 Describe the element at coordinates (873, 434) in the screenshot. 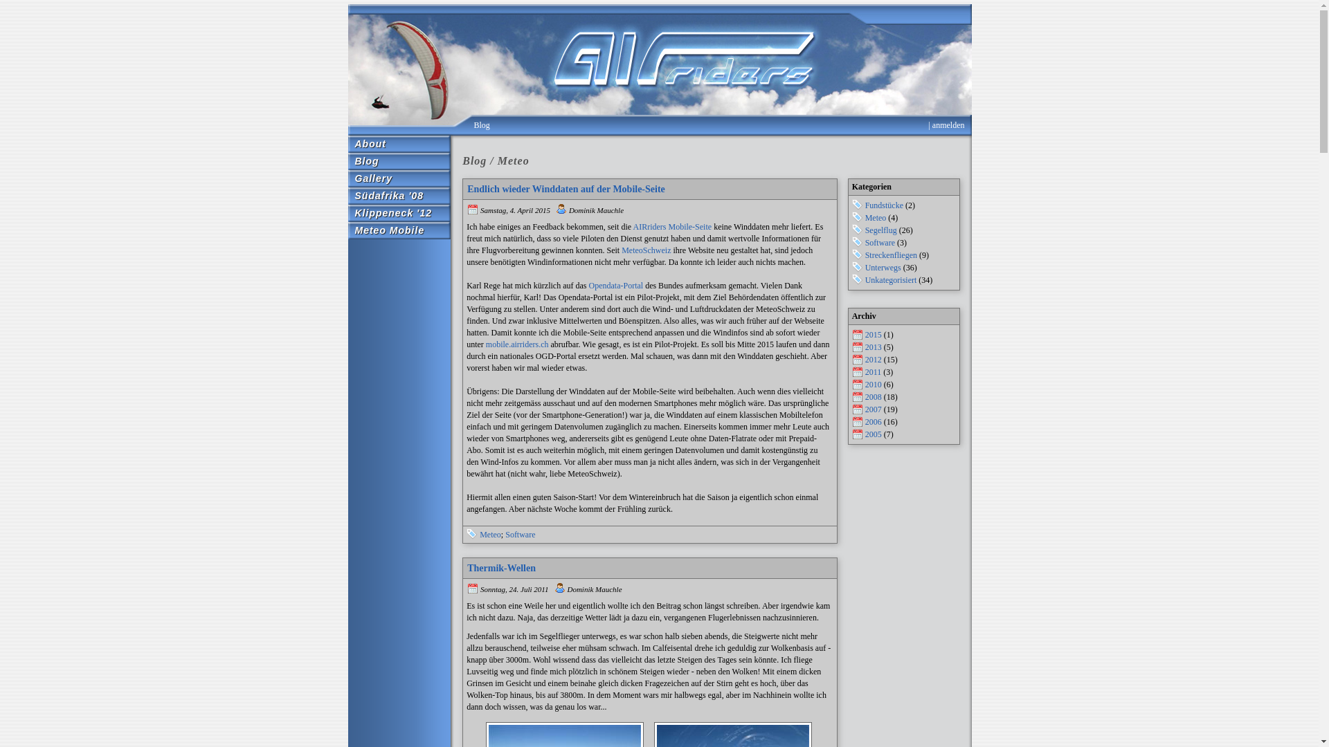

I see `'2005'` at that location.